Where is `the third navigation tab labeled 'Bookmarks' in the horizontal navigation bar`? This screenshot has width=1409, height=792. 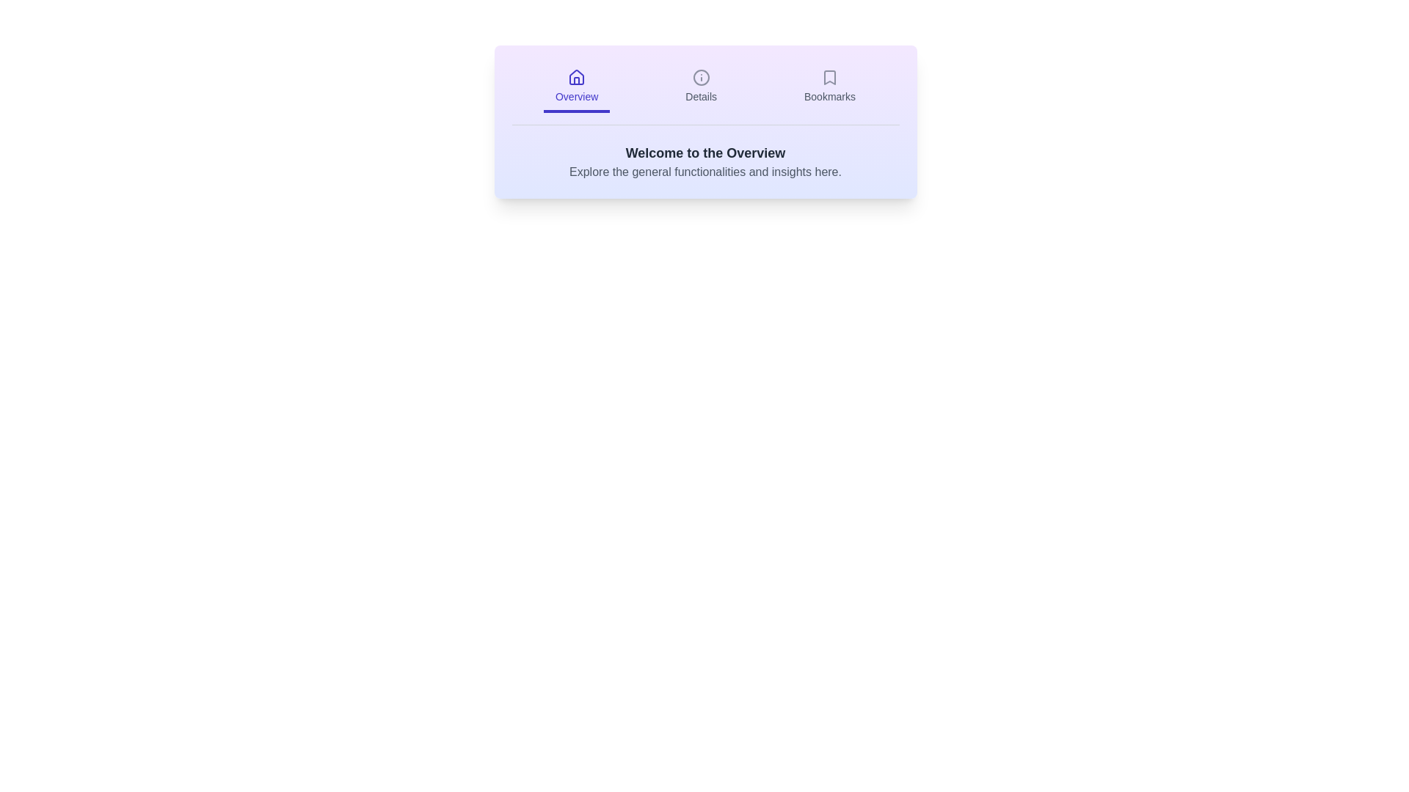
the third navigation tab labeled 'Bookmarks' in the horizontal navigation bar is located at coordinates (830, 87).